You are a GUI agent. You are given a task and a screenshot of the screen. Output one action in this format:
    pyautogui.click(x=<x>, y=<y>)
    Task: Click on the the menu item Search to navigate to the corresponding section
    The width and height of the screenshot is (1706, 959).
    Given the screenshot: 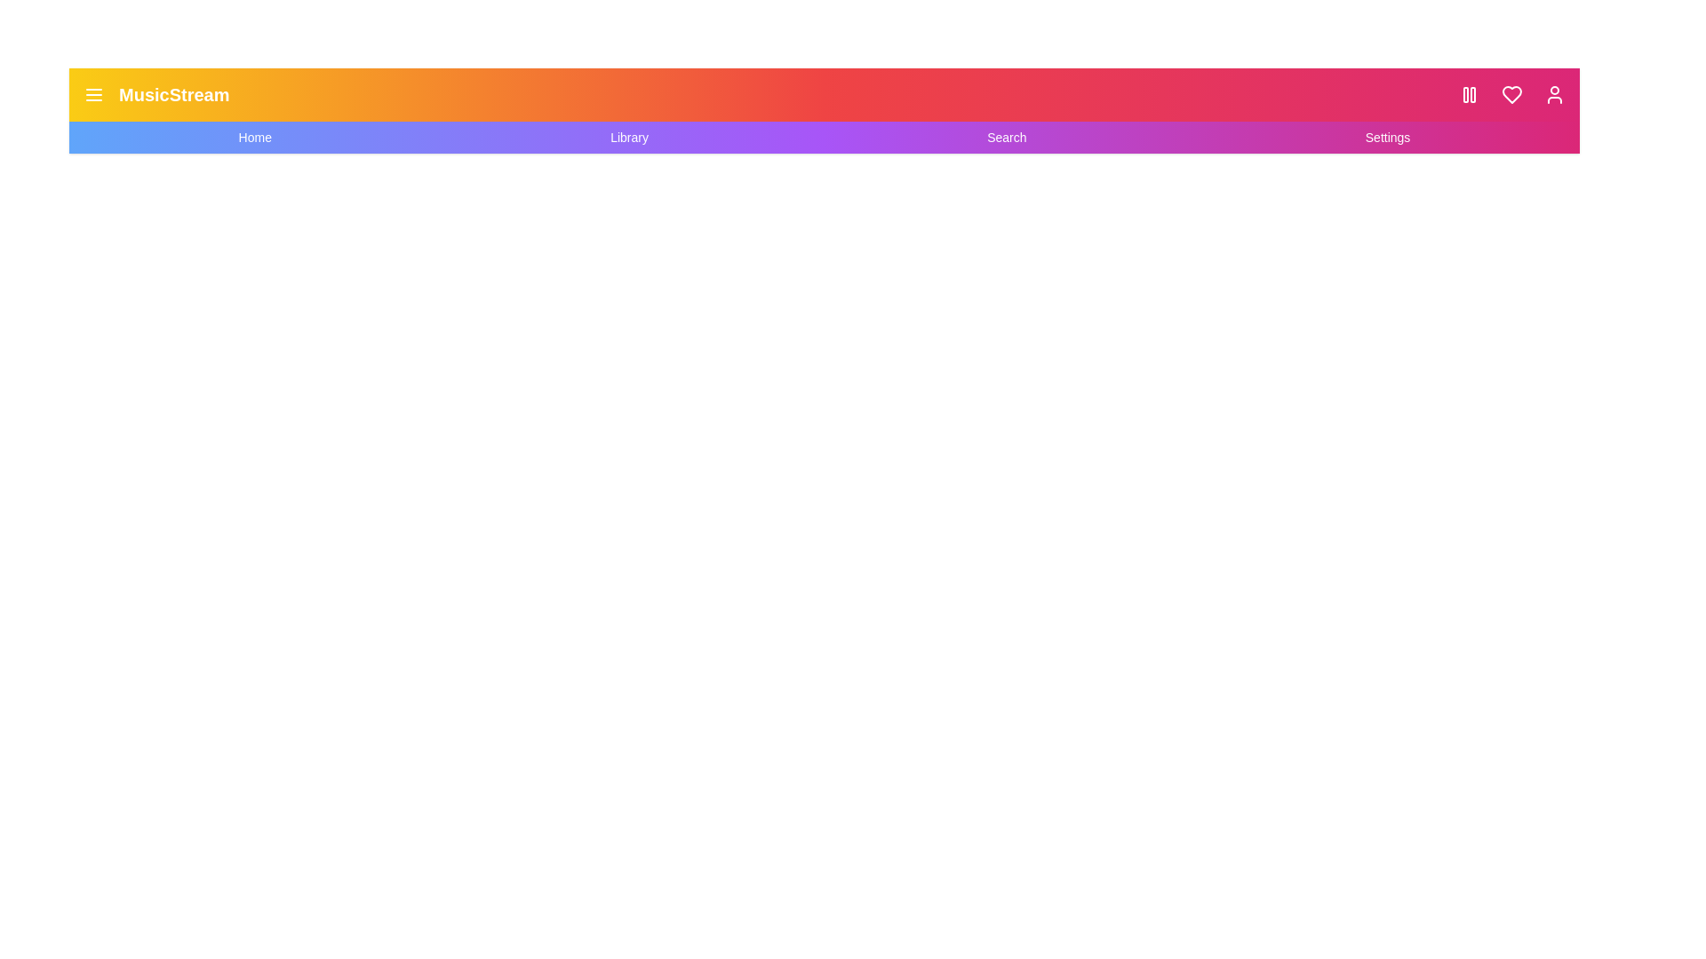 What is the action you would take?
    pyautogui.click(x=1006, y=136)
    